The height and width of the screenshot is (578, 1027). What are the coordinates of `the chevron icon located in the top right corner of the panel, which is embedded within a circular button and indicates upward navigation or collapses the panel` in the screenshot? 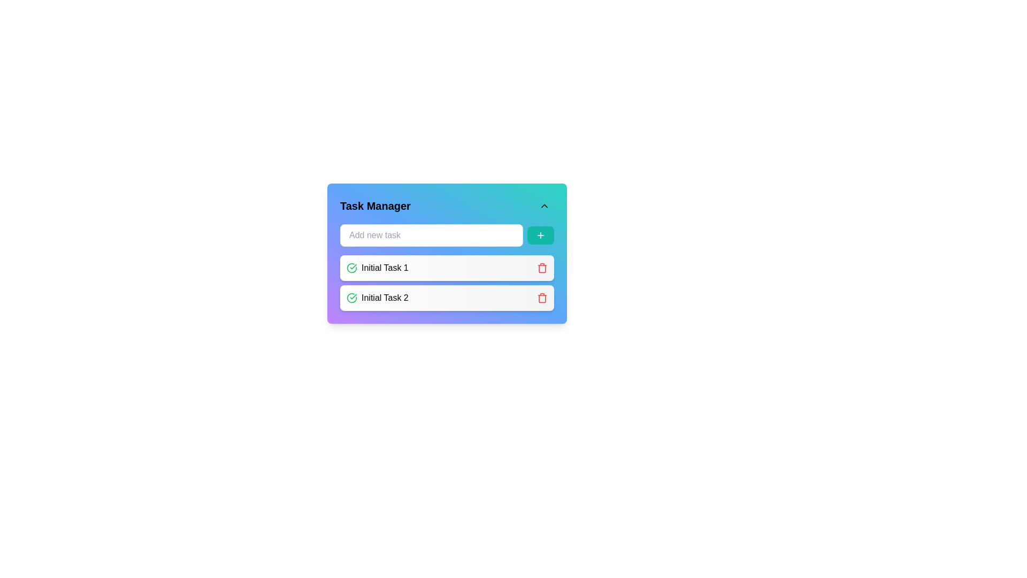 It's located at (544, 206).